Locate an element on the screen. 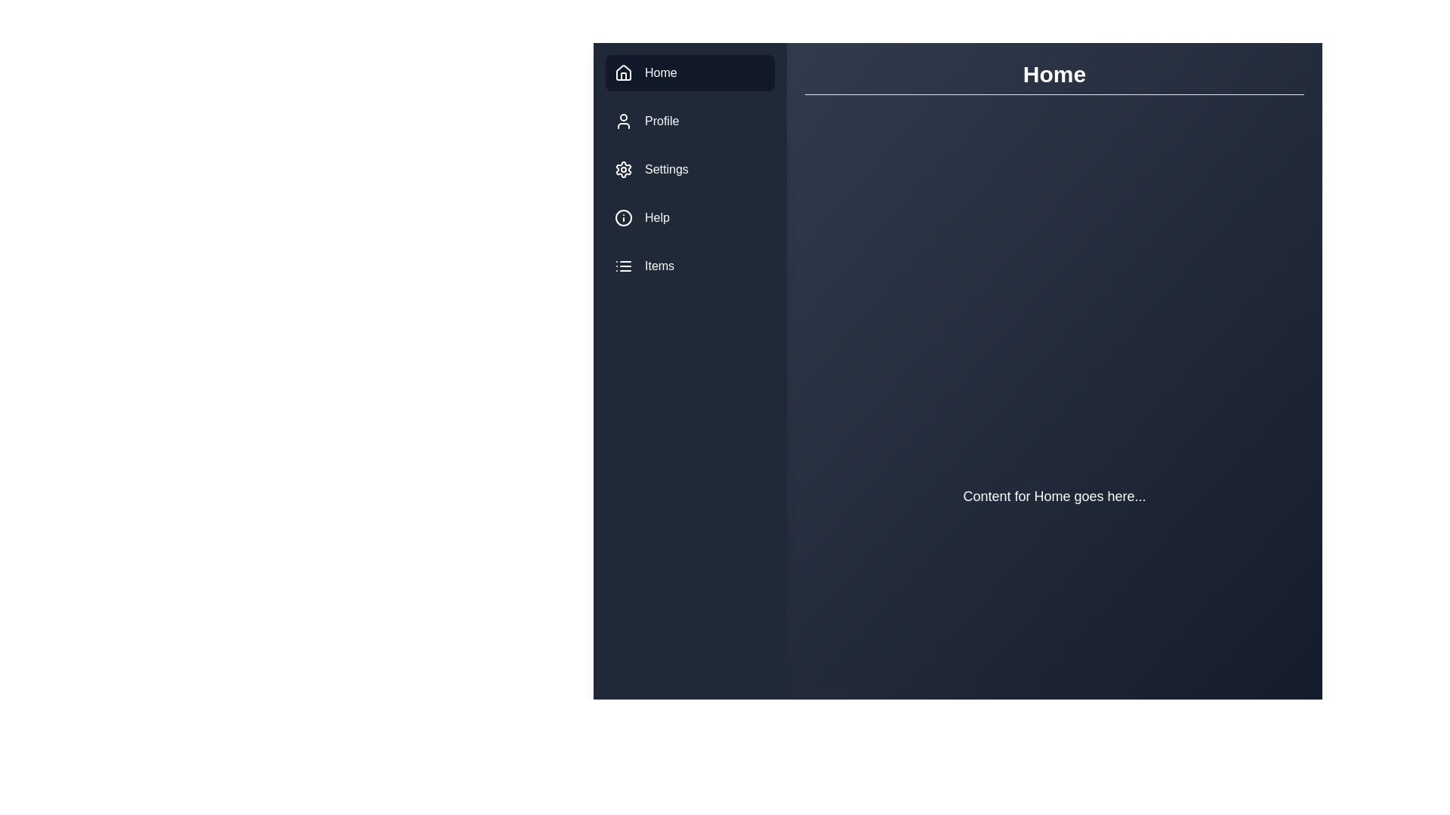 The image size is (1450, 815). the menu item Help to navigate to its section is located at coordinates (689, 218).